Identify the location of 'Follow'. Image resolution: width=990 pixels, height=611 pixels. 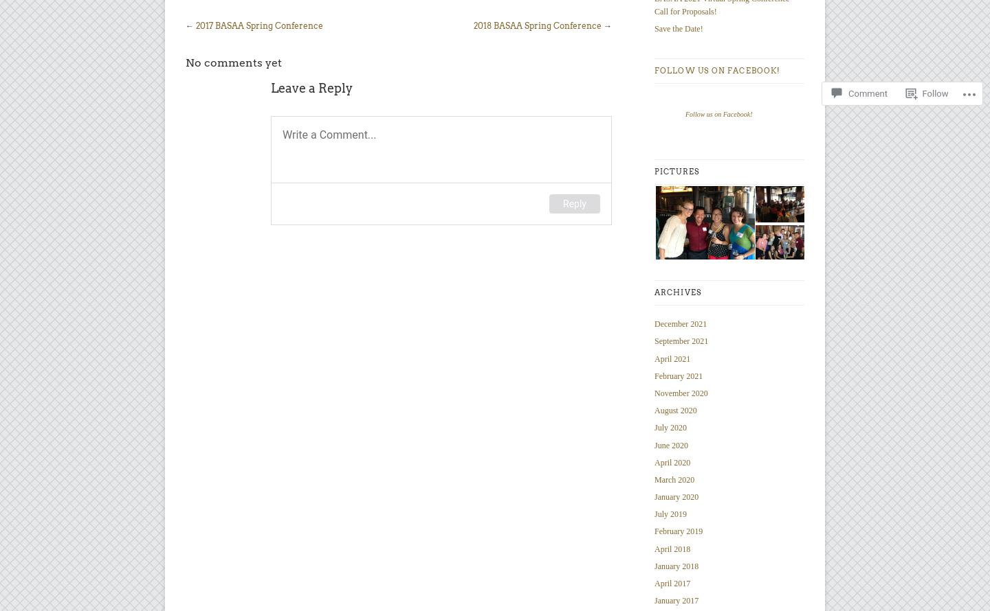
(934, 56).